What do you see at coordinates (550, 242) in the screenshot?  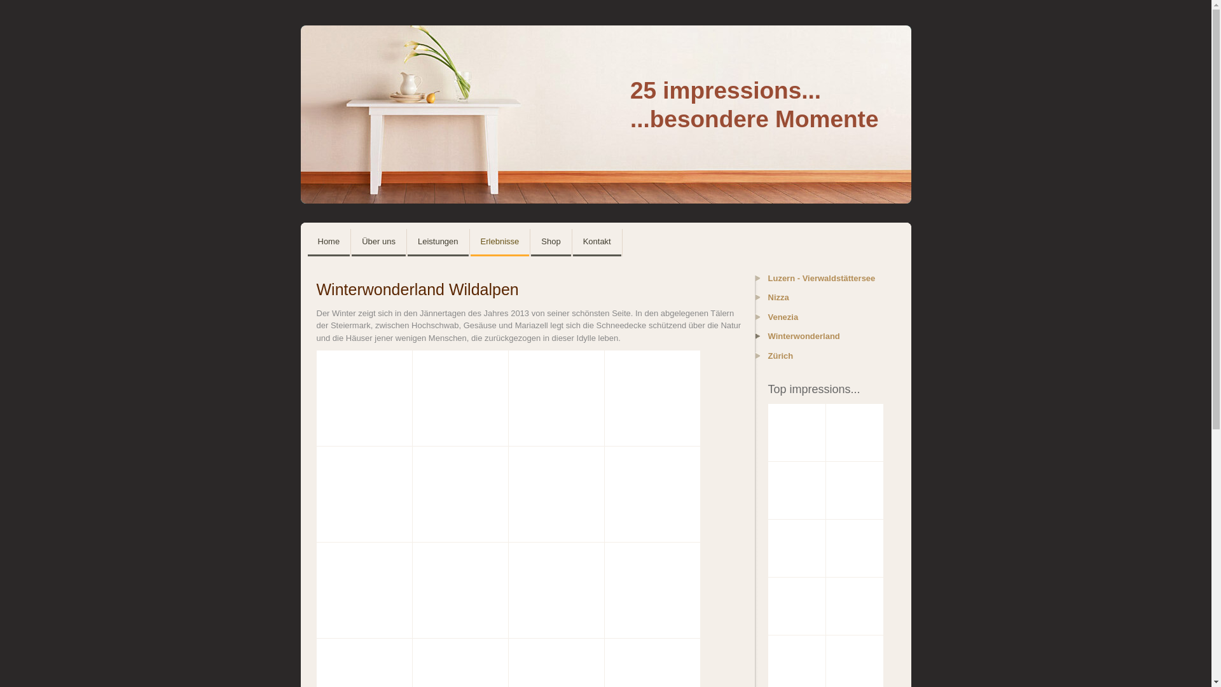 I see `'Shop'` at bounding box center [550, 242].